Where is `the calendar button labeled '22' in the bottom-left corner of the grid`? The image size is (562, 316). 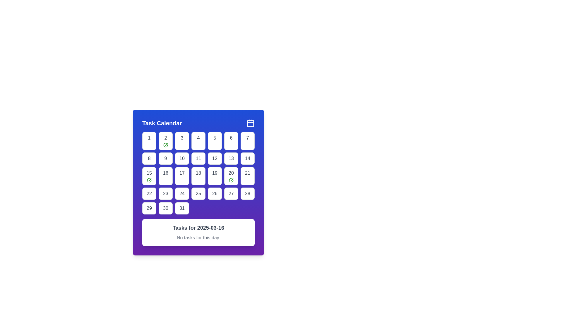 the calendar button labeled '22' in the bottom-left corner of the grid is located at coordinates (149, 194).